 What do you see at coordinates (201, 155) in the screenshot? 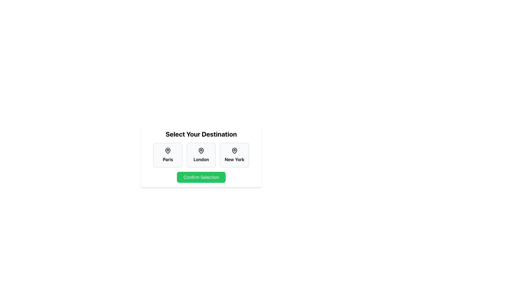
I see `the 'London' button, which is the second card in a grid layout, positioned between 'Paris' and 'New York', to observe potential hover effects` at bounding box center [201, 155].